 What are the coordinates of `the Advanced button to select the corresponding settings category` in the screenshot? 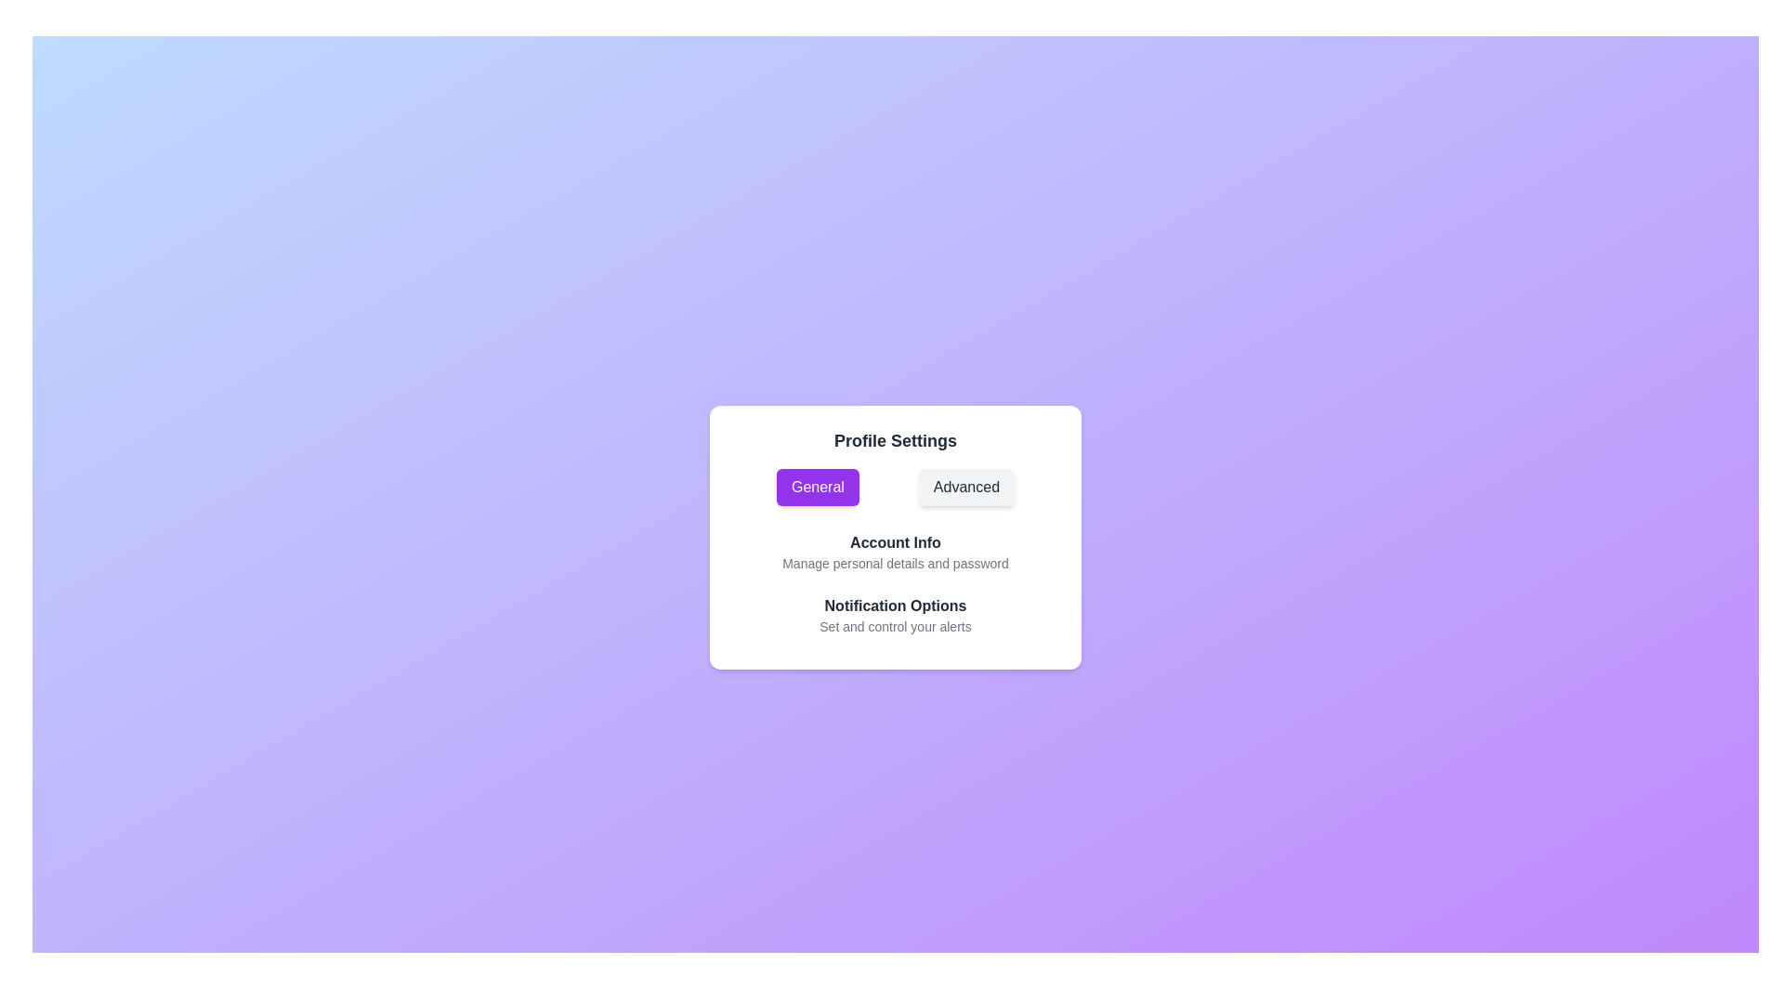 It's located at (966, 486).